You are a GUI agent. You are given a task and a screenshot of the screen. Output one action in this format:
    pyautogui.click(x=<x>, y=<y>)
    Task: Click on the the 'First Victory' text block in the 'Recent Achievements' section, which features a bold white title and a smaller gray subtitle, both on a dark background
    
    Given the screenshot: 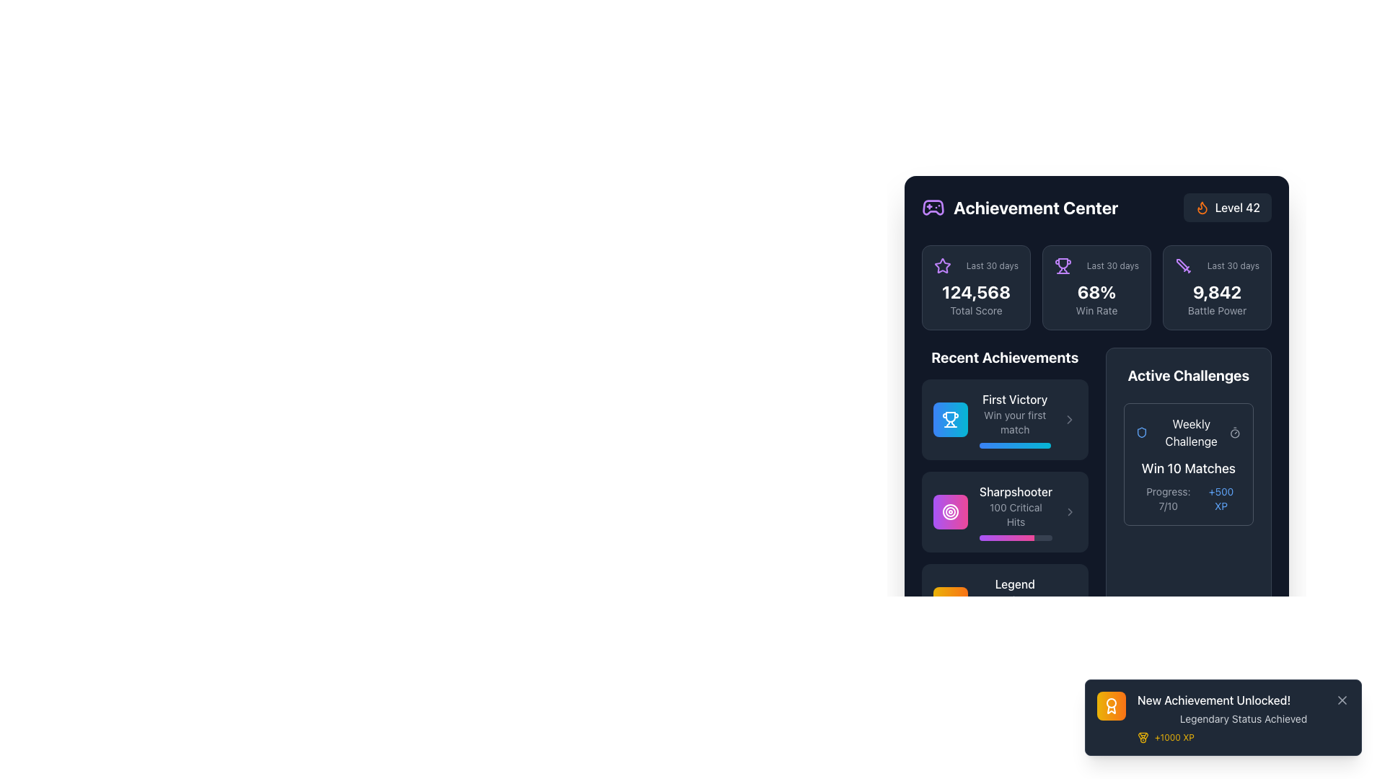 What is the action you would take?
    pyautogui.click(x=1014, y=420)
    